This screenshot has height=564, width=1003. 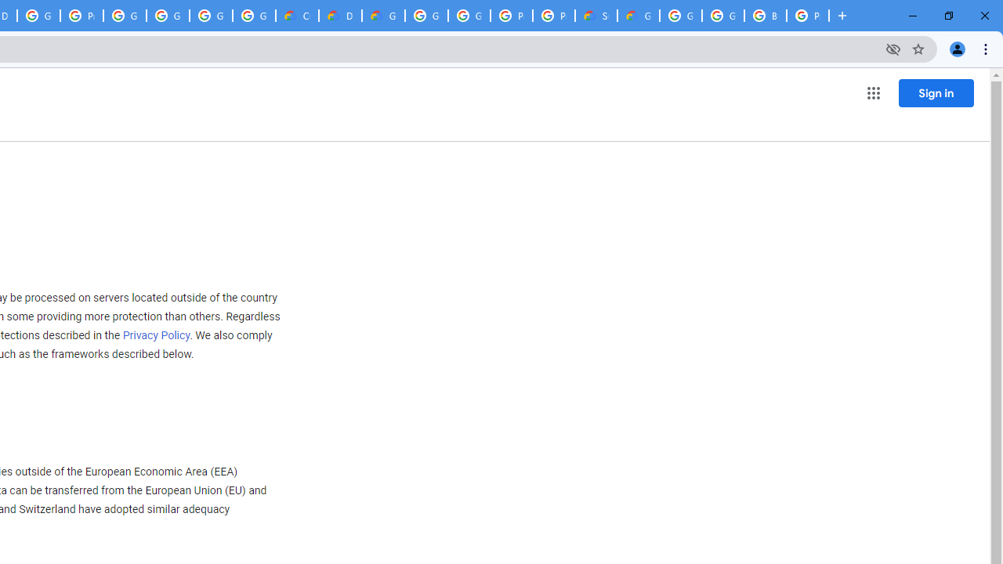 I want to click on 'Google Cloud Platform', so click(x=426, y=16).